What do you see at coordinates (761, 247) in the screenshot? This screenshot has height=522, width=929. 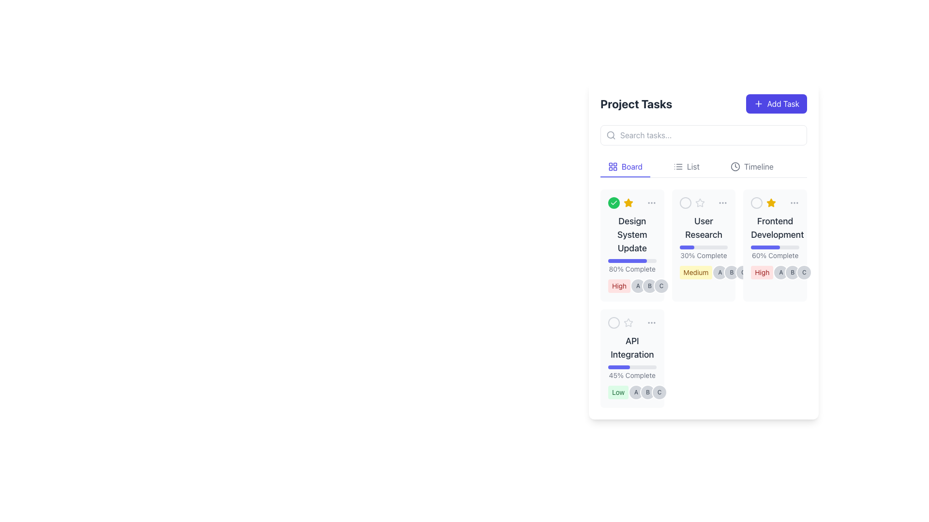 I see `the progress` at bounding box center [761, 247].